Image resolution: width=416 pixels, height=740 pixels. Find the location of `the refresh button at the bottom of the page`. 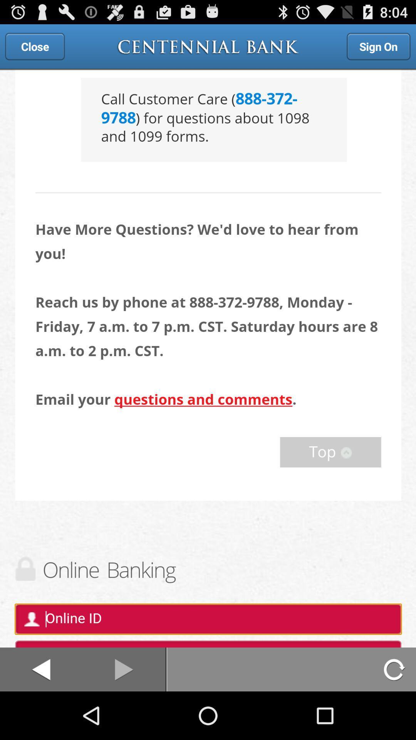

the refresh button at the bottom of the page is located at coordinates (395, 669).